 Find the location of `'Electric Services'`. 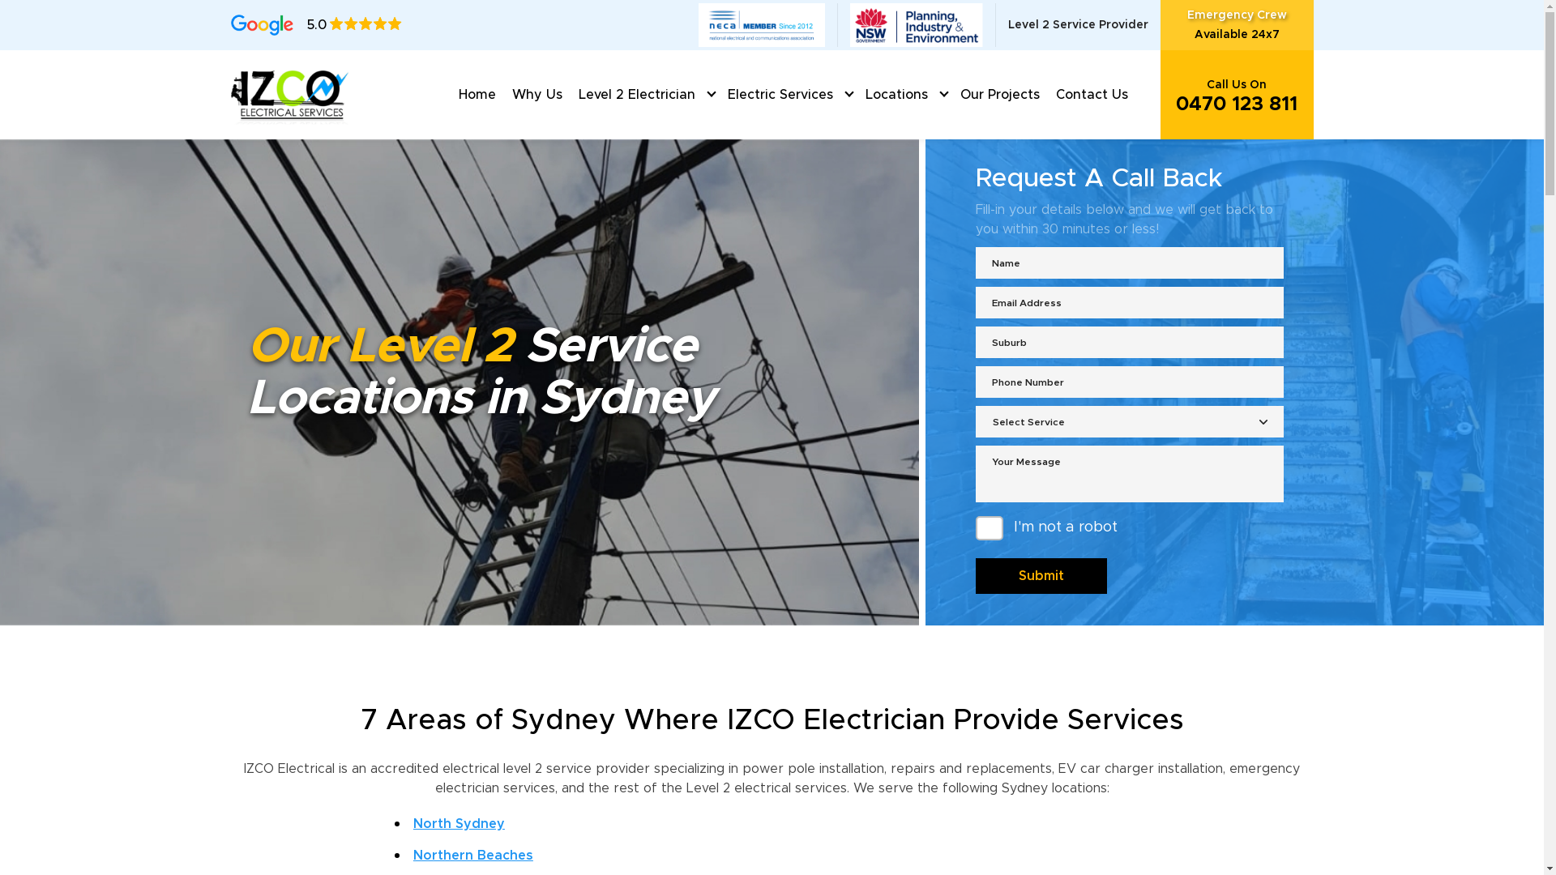

'Electric Services' is located at coordinates (719, 94).